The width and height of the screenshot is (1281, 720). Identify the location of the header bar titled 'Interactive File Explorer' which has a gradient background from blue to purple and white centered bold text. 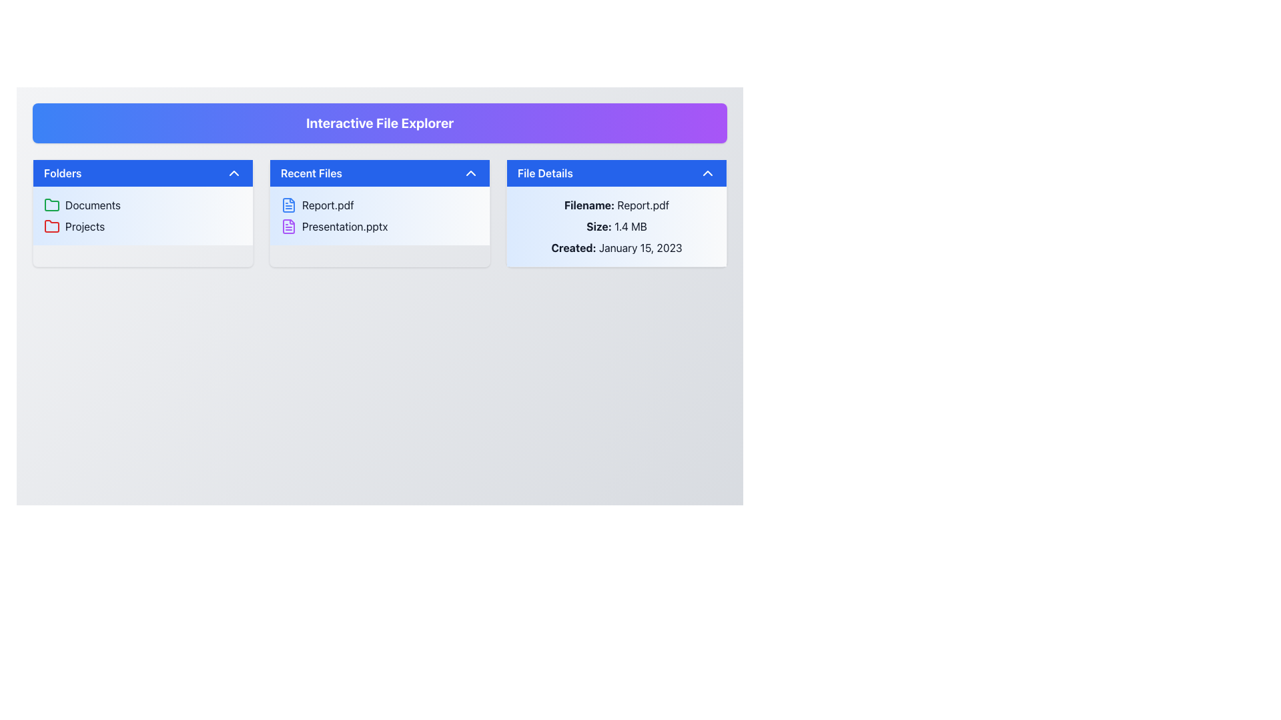
(379, 123).